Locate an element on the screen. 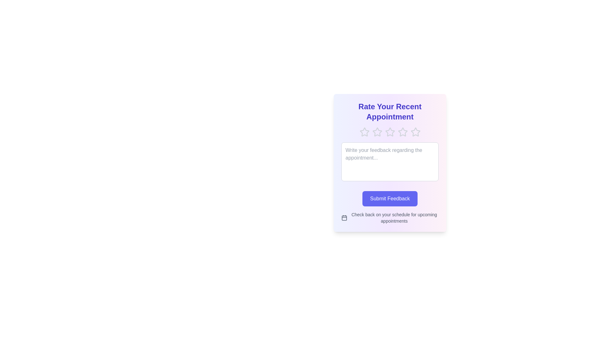  the star corresponding to 3 to preview the rating is located at coordinates (390, 132).